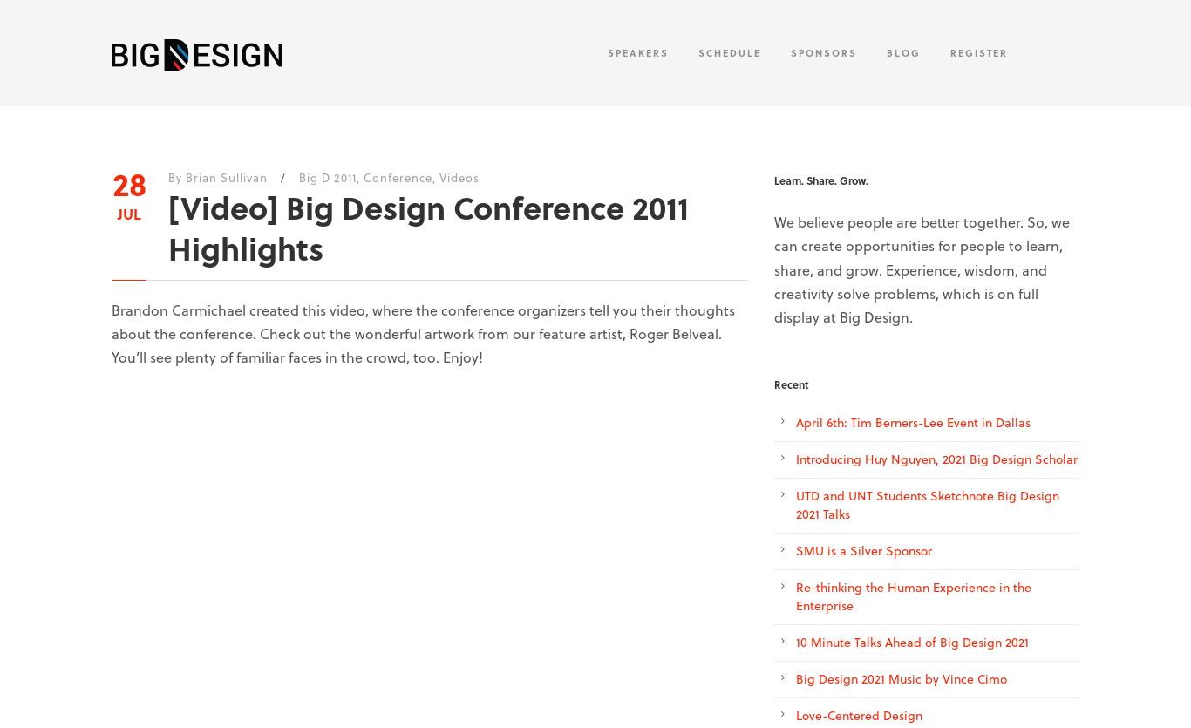 The height and width of the screenshot is (728, 1191). Describe the element at coordinates (226, 177) in the screenshot. I see `'Brian Sullivan'` at that location.